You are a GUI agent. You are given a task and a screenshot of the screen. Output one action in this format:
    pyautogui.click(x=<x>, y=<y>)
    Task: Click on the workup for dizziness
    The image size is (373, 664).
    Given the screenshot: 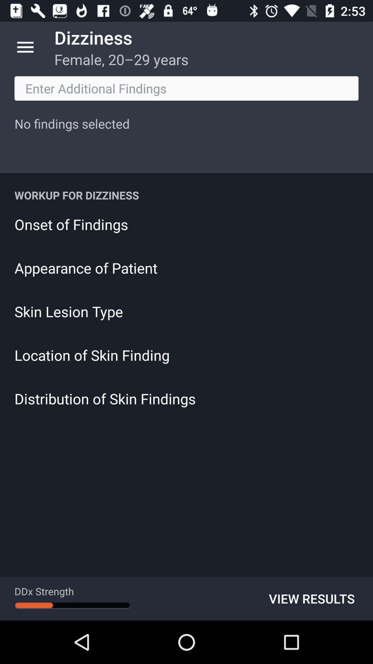 What is the action you would take?
    pyautogui.click(x=186, y=195)
    